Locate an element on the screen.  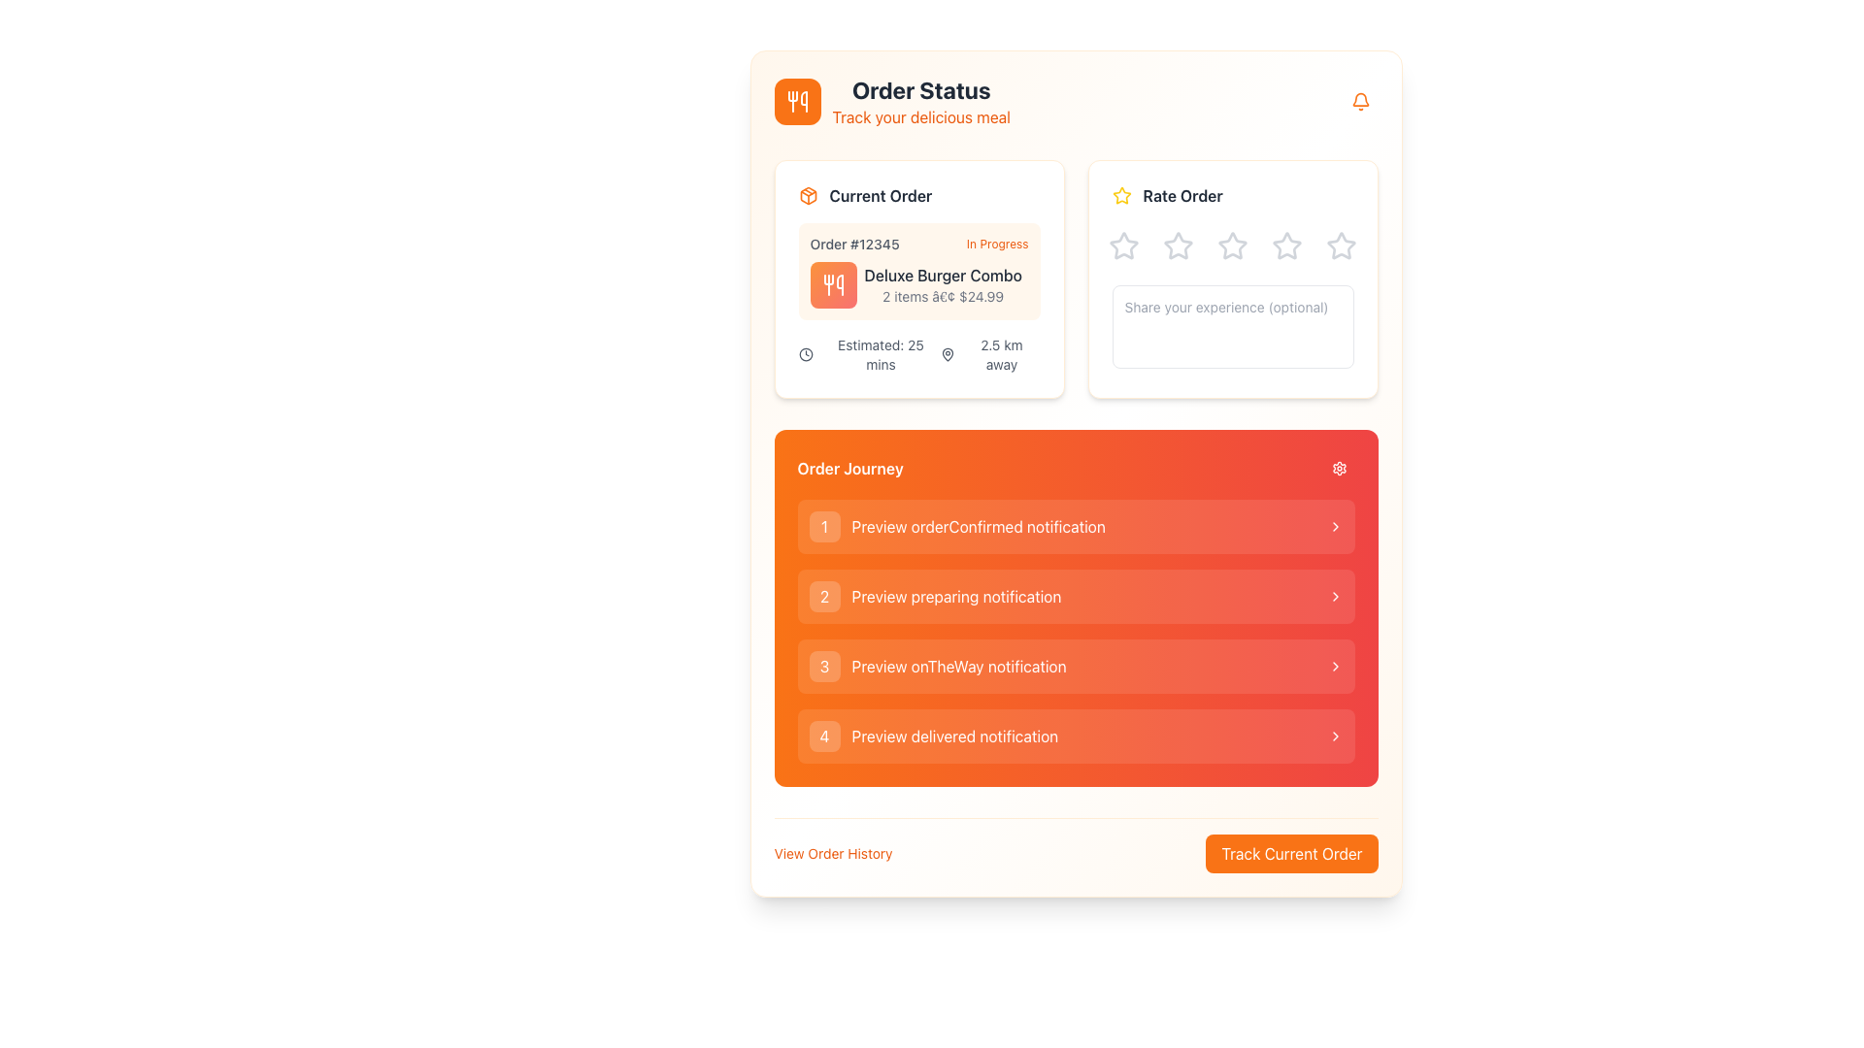
the second star icon in the 'Rate Order' section is located at coordinates (1178, 245).